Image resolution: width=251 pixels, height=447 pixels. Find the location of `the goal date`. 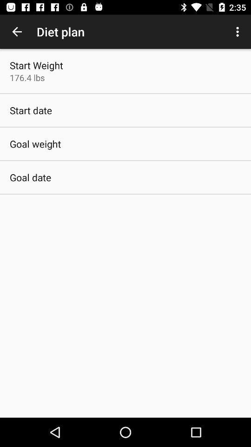

the goal date is located at coordinates (30, 177).